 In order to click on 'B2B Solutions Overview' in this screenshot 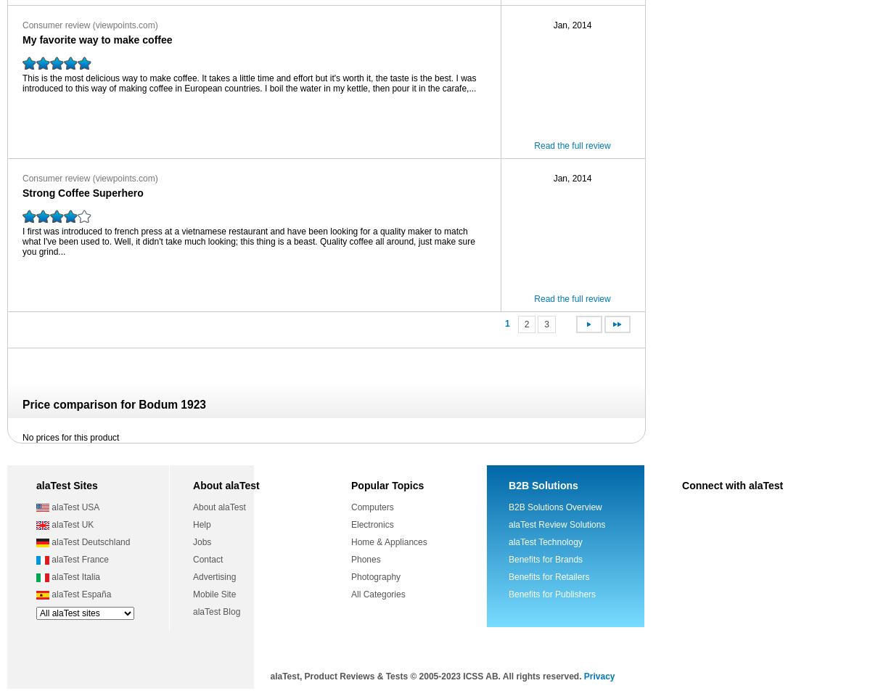, I will do `click(507, 507)`.